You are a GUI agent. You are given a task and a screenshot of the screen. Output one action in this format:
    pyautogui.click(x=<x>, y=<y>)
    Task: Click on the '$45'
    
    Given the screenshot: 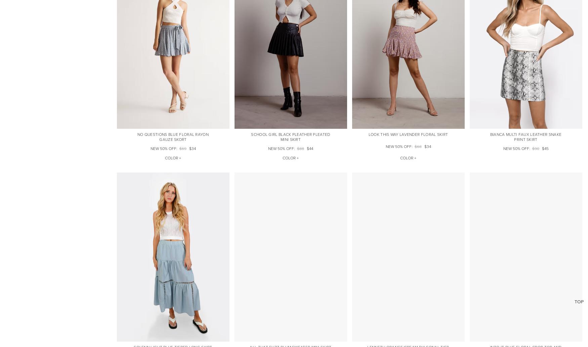 What is the action you would take?
    pyautogui.click(x=545, y=148)
    